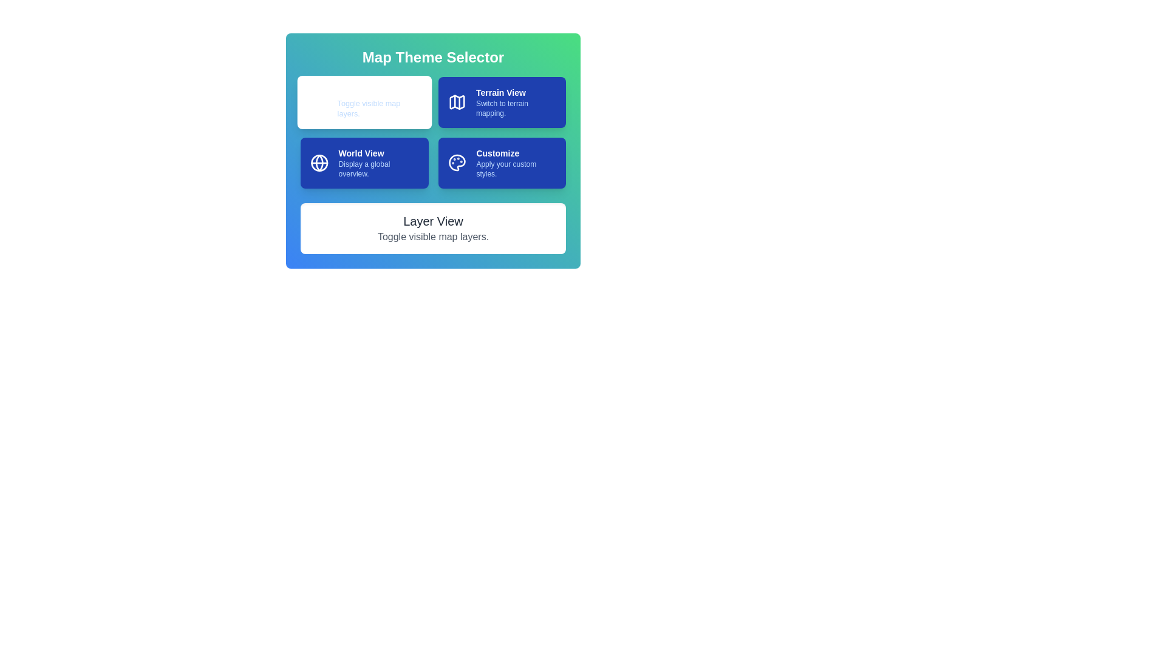 This screenshot has width=1166, height=655. Describe the element at coordinates (433, 221) in the screenshot. I see `the 'Layer View' text label, which serves as a descriptive title for the card related to toggling visible map layers, located at the center of the card` at that location.